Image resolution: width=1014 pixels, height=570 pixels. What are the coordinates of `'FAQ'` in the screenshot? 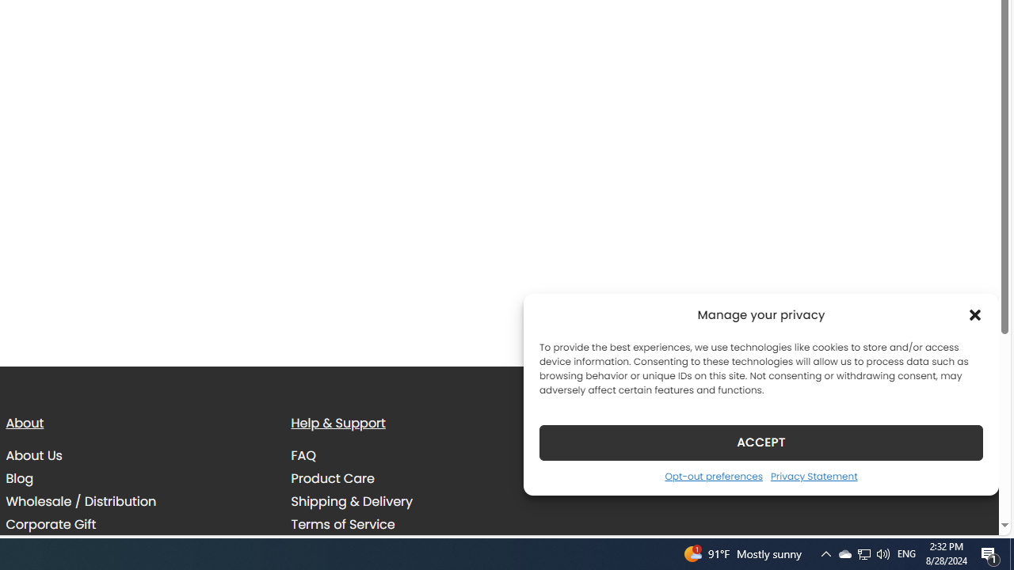 It's located at (303, 456).